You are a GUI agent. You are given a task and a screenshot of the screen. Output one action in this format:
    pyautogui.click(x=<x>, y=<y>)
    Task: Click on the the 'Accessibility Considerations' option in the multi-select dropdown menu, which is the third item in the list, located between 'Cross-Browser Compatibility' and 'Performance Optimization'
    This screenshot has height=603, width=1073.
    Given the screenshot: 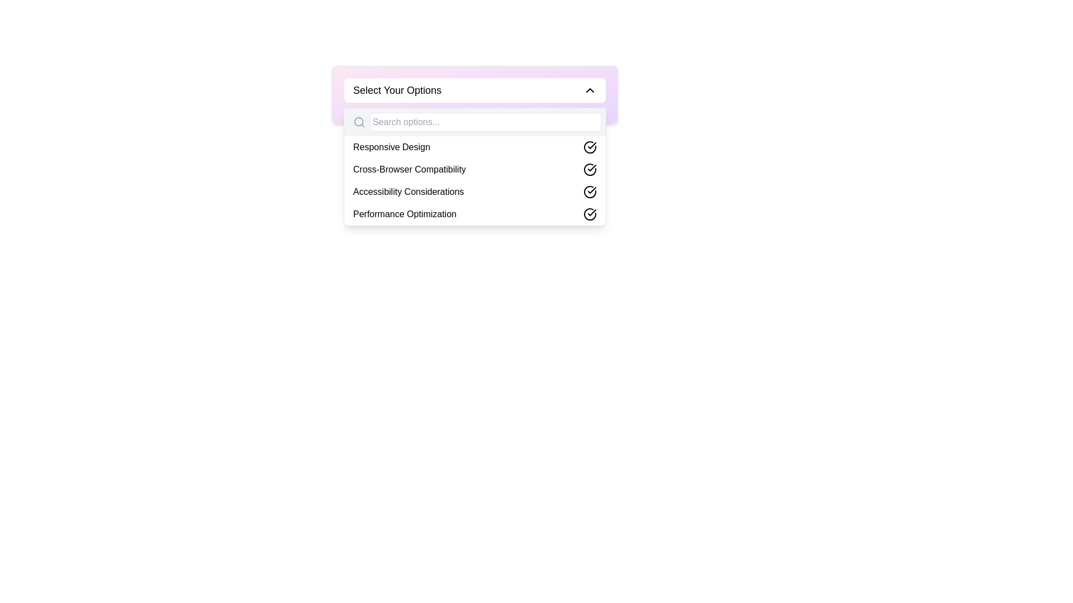 What is the action you would take?
    pyautogui.click(x=474, y=191)
    